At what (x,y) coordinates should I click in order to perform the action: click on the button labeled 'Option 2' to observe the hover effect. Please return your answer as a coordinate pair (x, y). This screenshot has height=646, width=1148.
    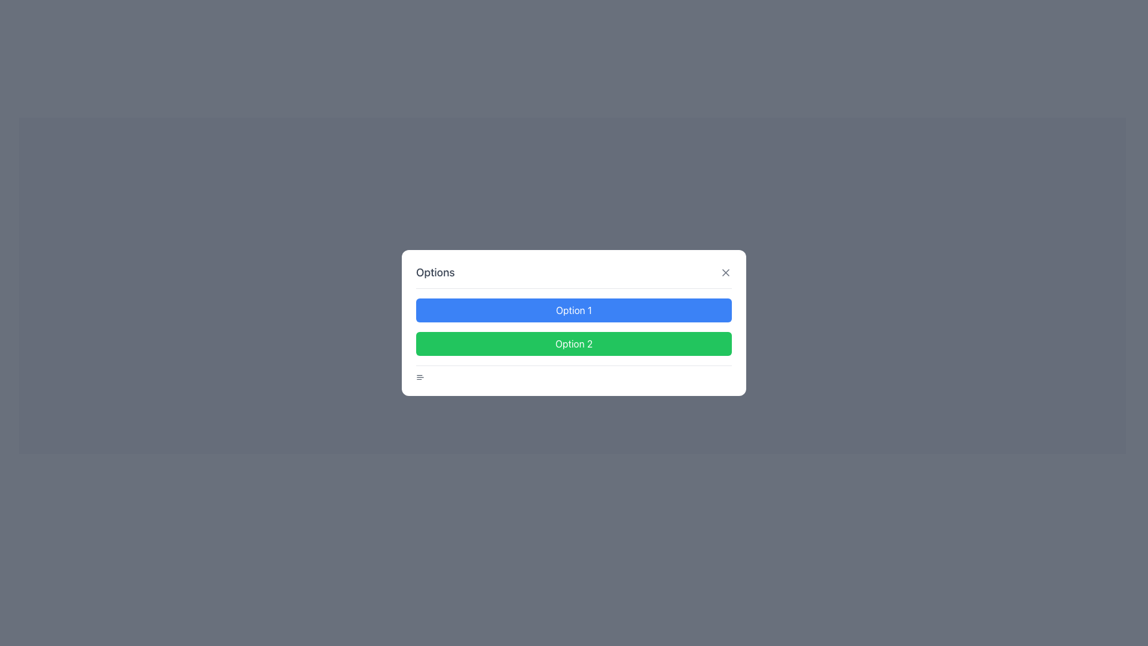
    Looking at the image, I should click on (574, 343).